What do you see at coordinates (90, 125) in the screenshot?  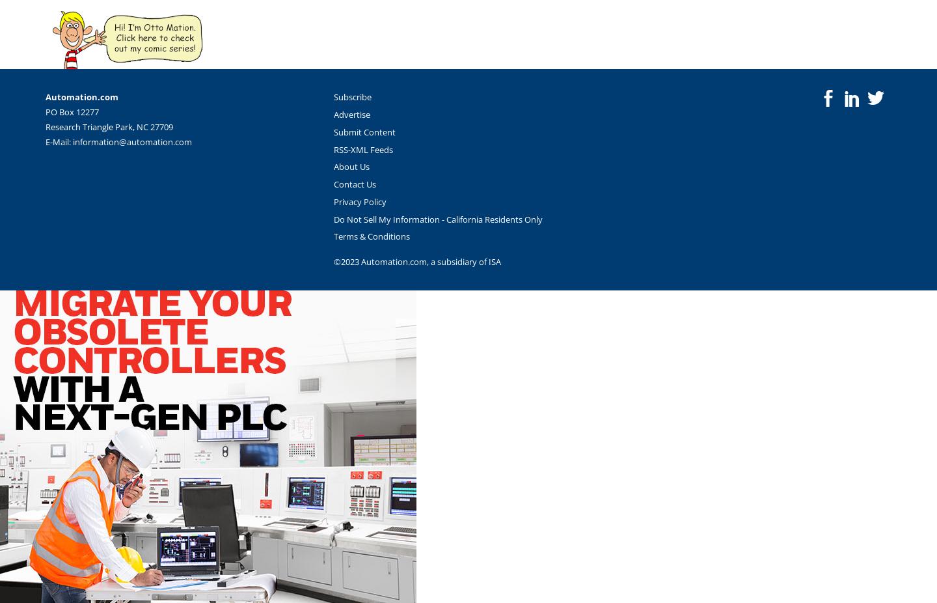 I see `'Research Triangle Park,'` at bounding box center [90, 125].